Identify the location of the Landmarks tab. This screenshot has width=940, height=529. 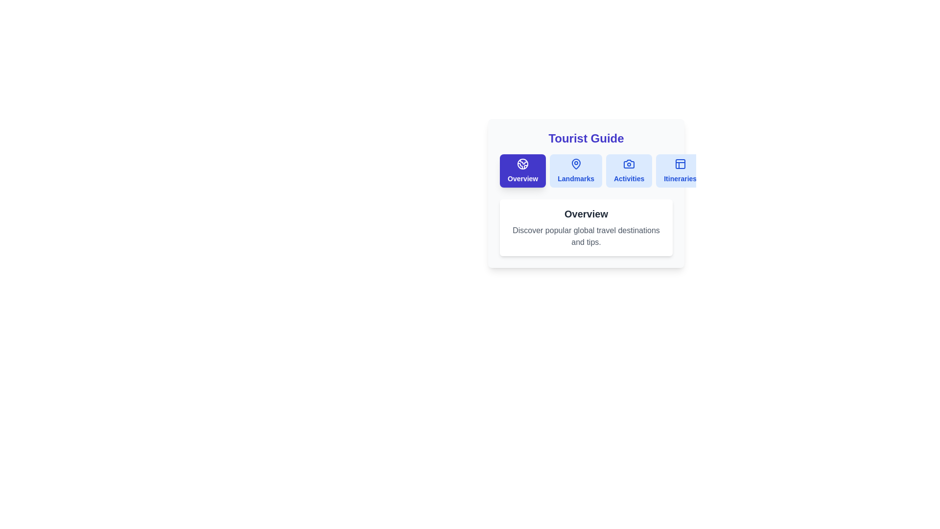
(576, 170).